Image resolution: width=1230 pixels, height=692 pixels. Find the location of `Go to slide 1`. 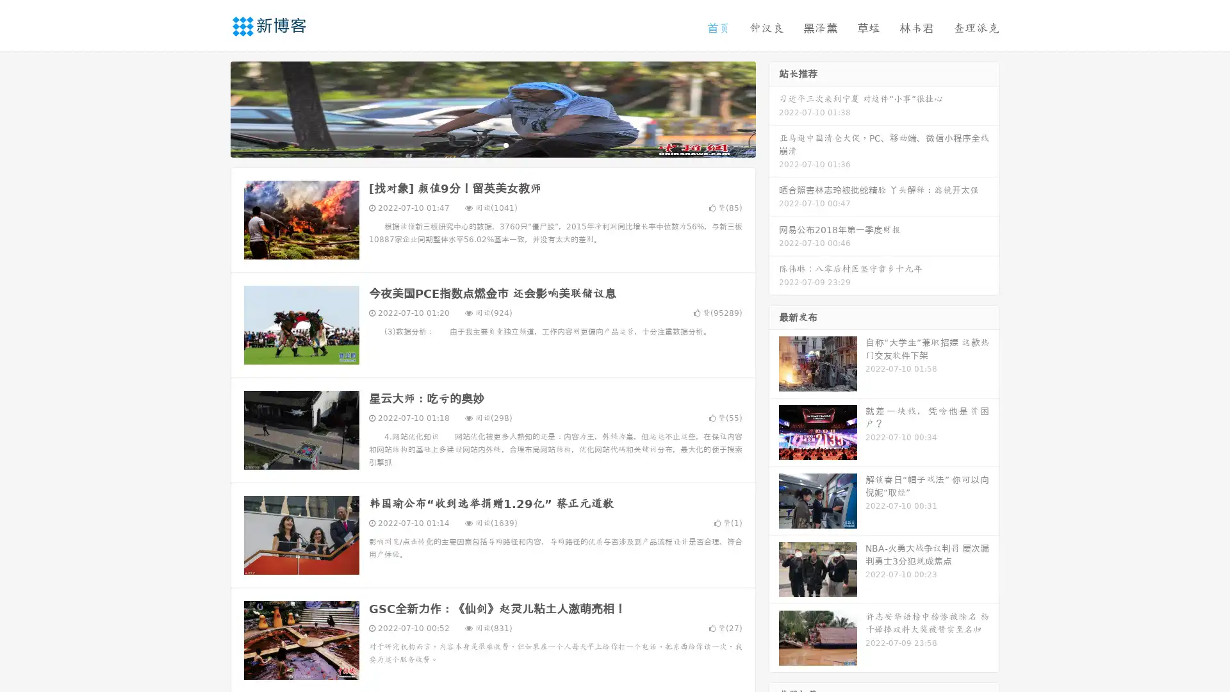

Go to slide 1 is located at coordinates (479, 144).